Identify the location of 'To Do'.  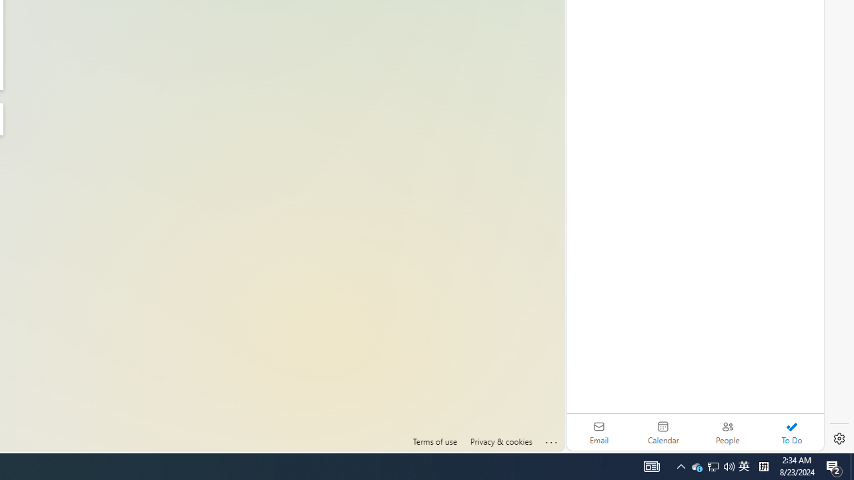
(791, 432).